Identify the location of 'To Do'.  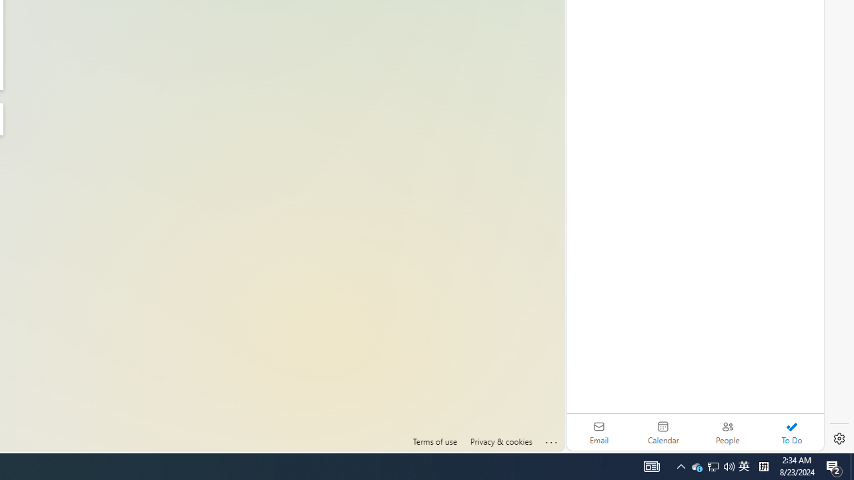
(791, 432).